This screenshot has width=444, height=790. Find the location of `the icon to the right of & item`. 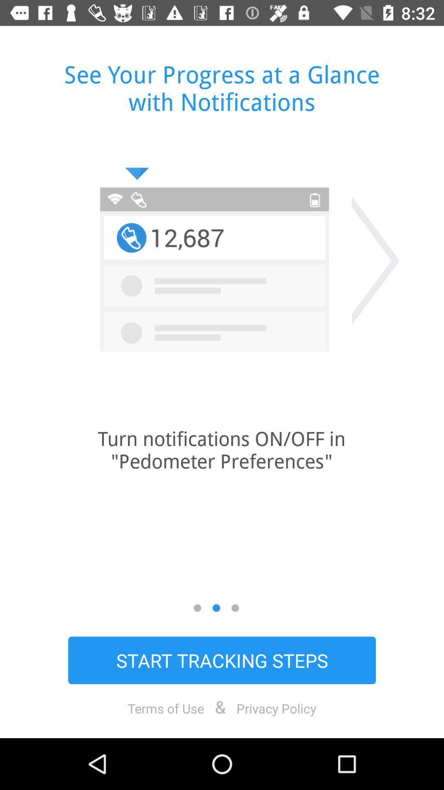

the icon to the right of & item is located at coordinates (276, 708).